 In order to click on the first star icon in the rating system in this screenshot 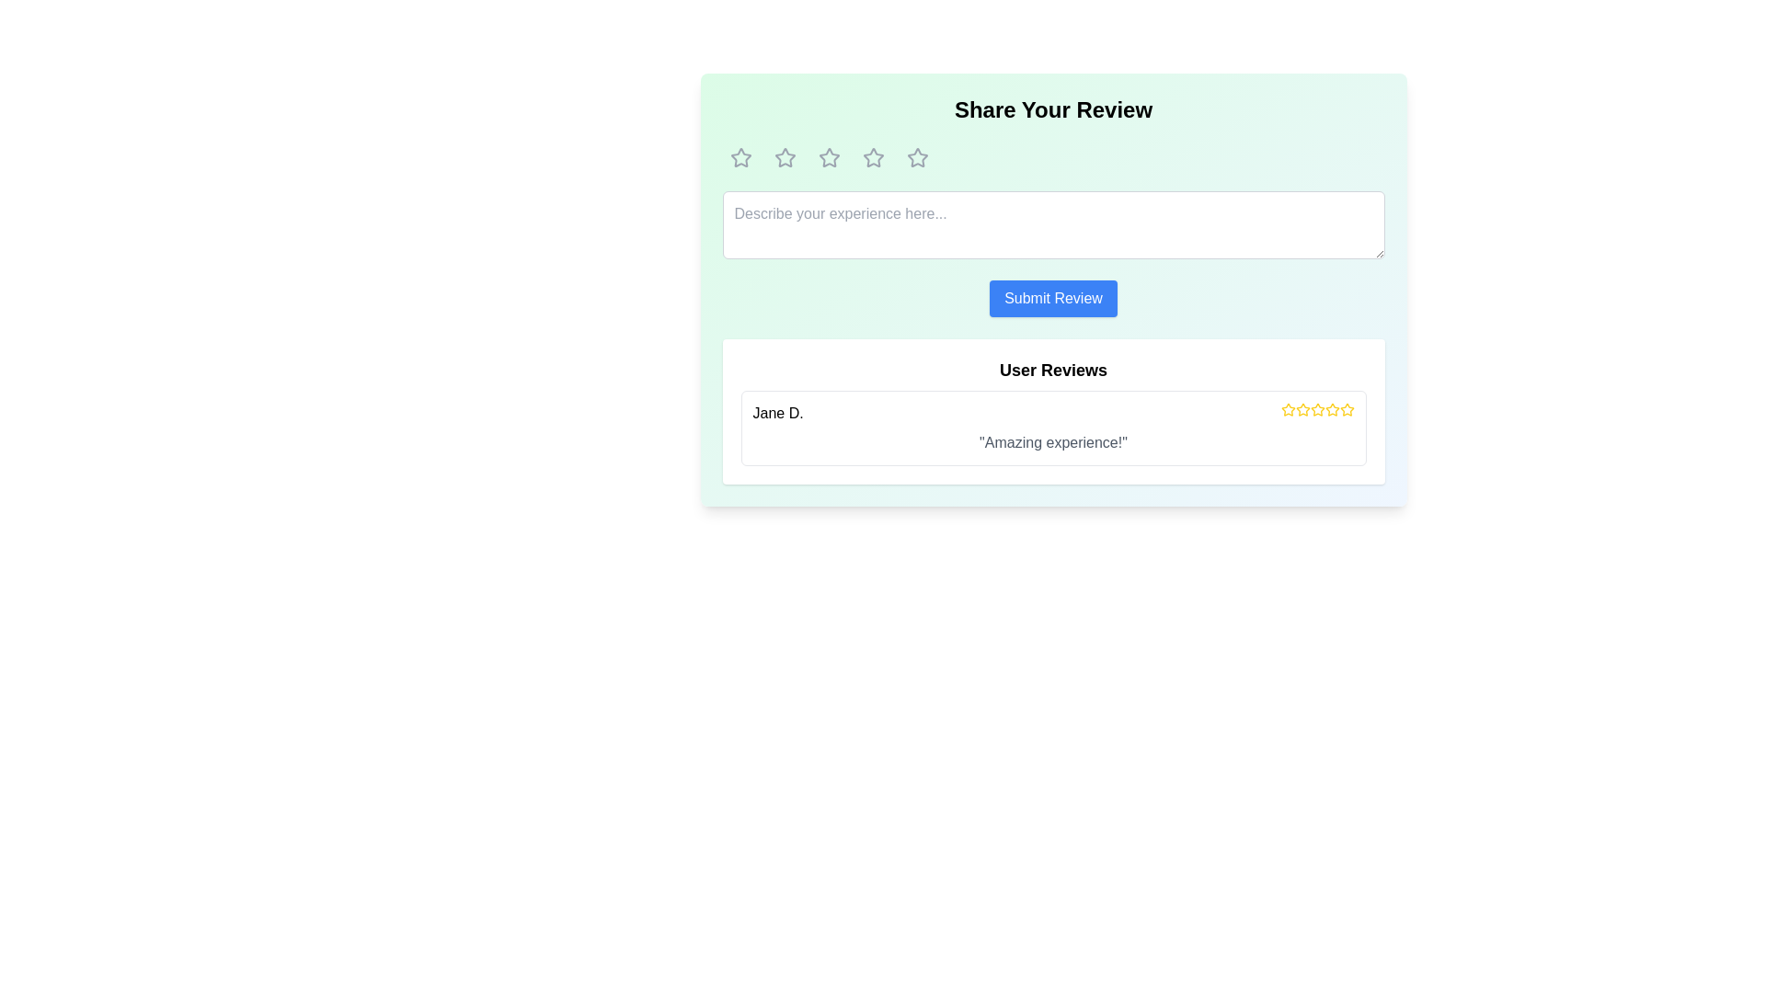, I will do `click(740, 156)`.